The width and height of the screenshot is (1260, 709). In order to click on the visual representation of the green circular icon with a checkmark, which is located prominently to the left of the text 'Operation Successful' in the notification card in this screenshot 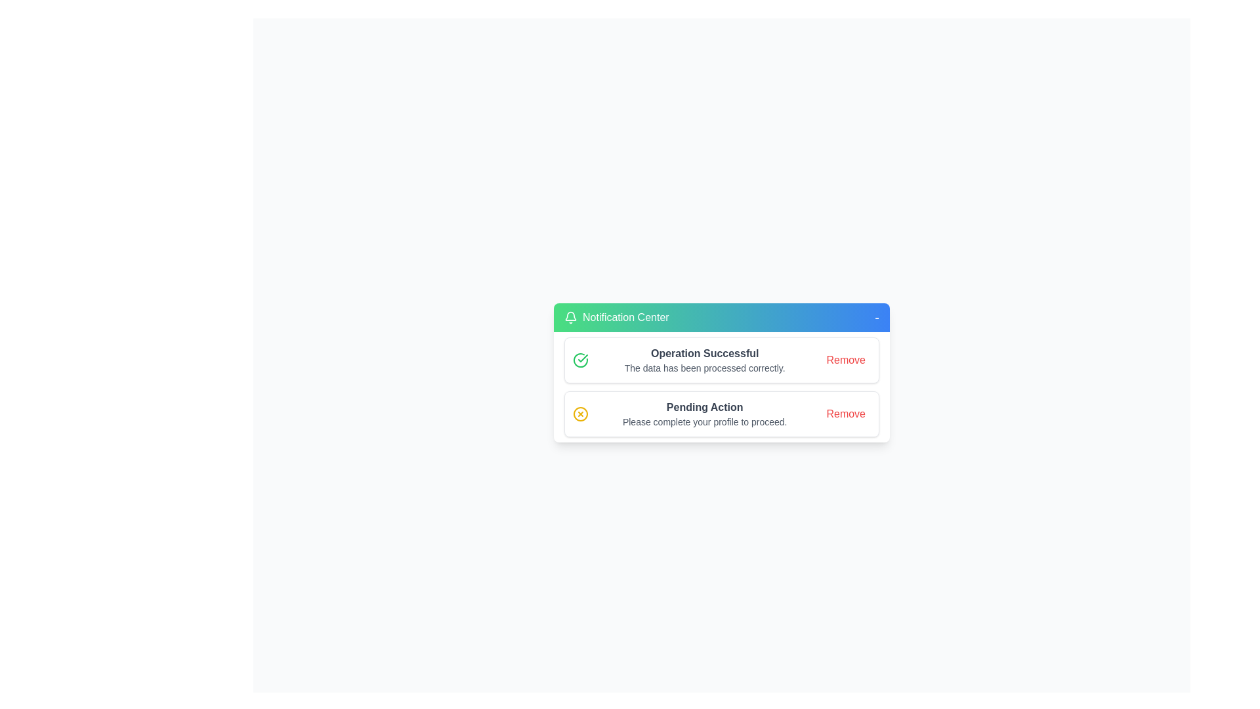, I will do `click(579, 360)`.